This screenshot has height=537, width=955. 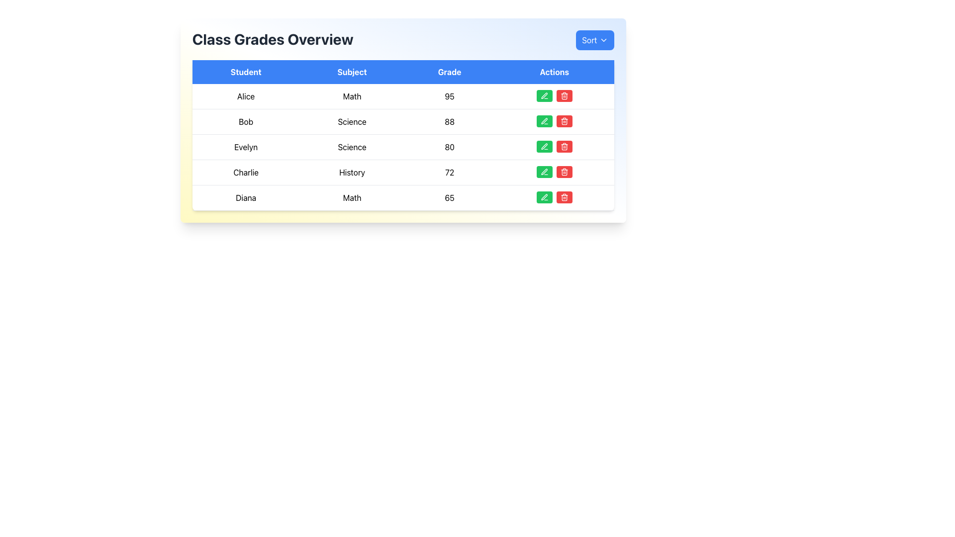 What do you see at coordinates (352, 121) in the screenshot?
I see `the static text element displaying 'Science' located in the second row and second column of the table under the 'Subject' column` at bounding box center [352, 121].